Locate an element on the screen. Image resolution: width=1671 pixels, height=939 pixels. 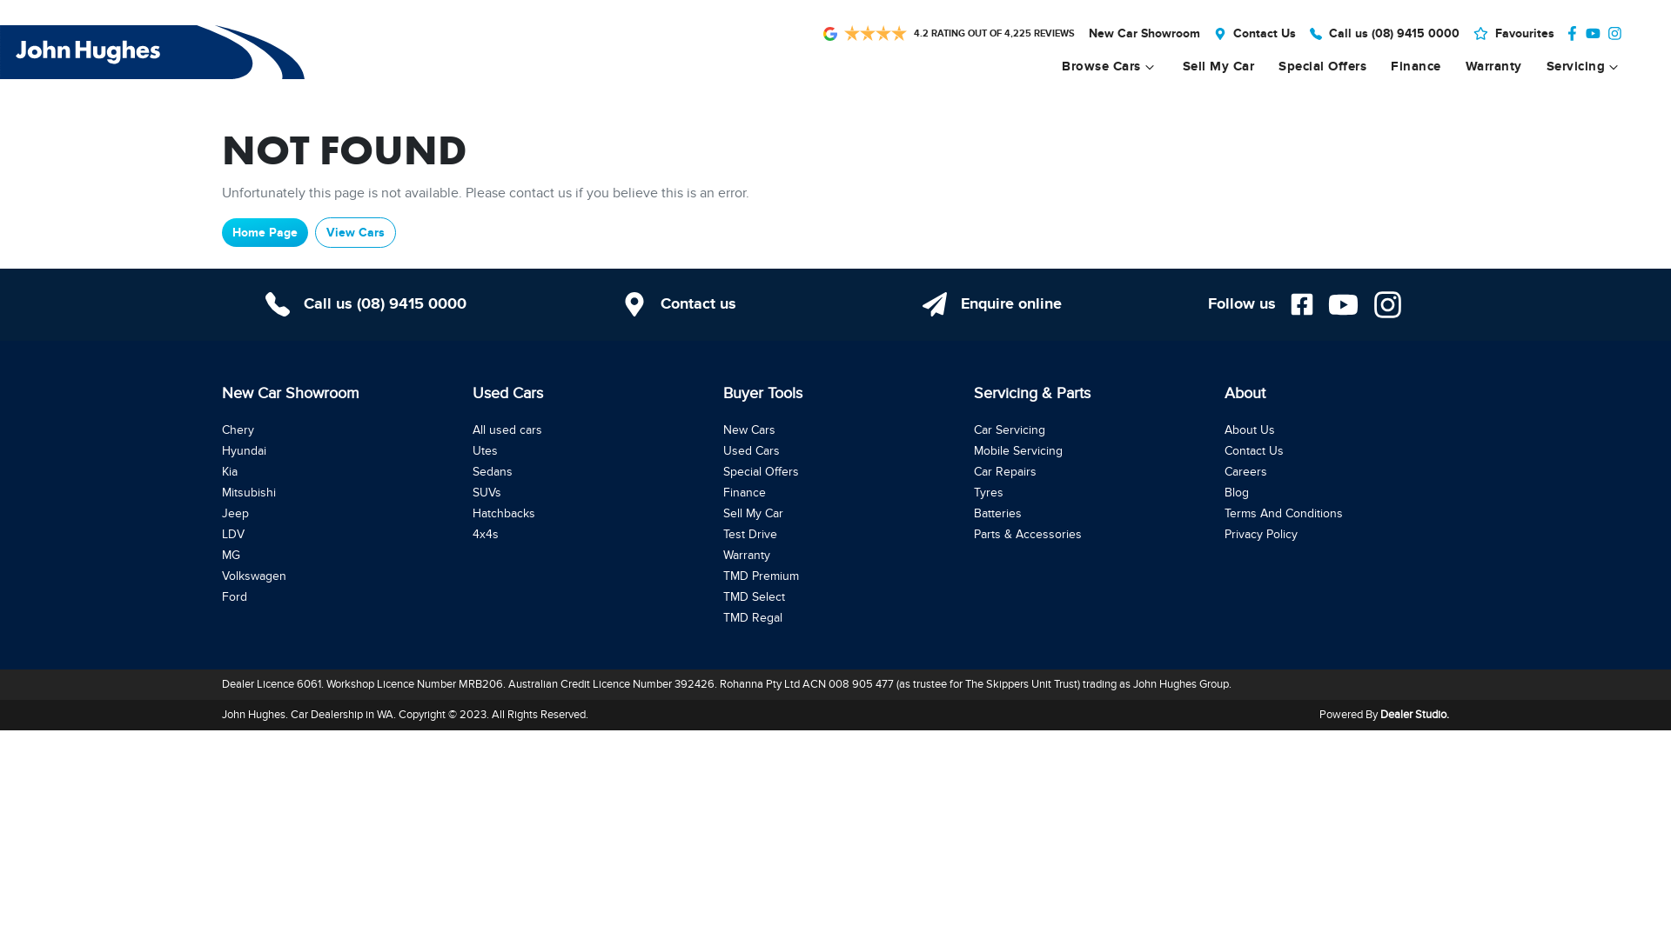
'Car Servicing' is located at coordinates (1010, 430).